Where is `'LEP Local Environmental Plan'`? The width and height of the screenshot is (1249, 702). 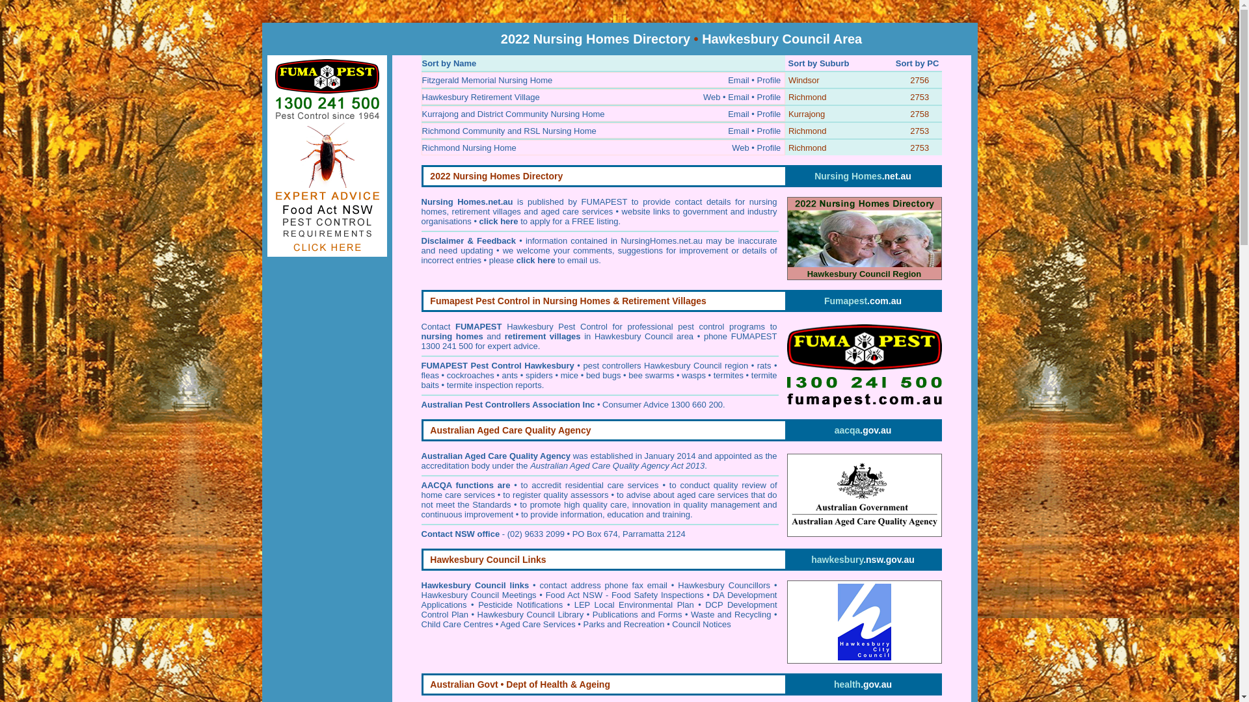 'LEP Local Environmental Plan' is located at coordinates (634, 604).